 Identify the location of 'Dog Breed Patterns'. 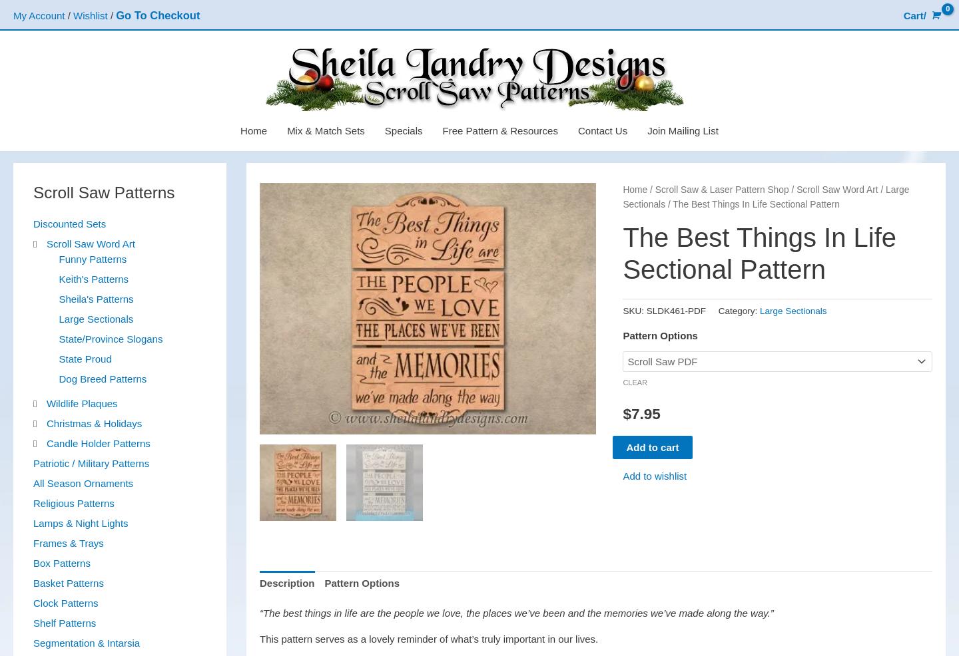
(101, 377).